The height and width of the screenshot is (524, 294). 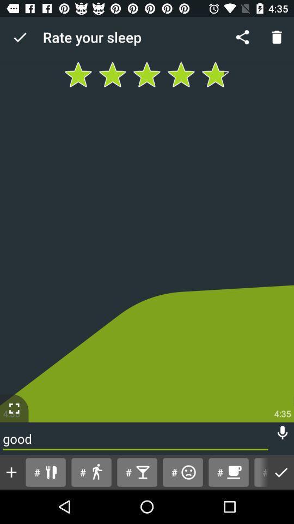 What do you see at coordinates (259, 472) in the screenshot?
I see `# button` at bounding box center [259, 472].